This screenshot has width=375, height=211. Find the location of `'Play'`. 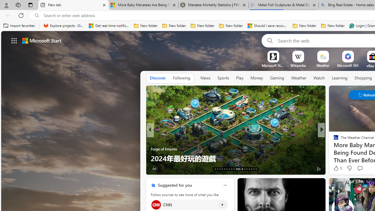

'Play' is located at coordinates (239, 78).